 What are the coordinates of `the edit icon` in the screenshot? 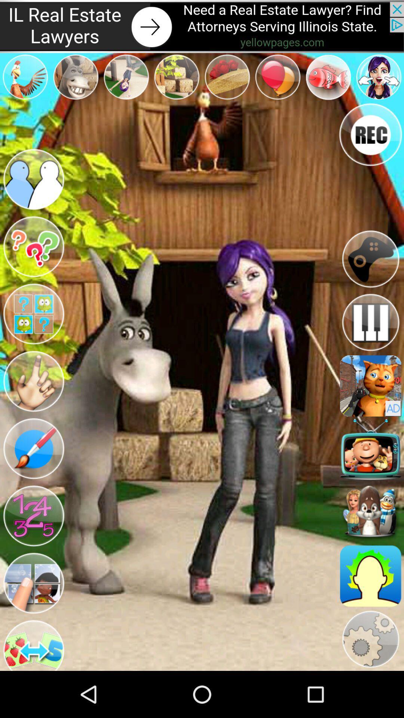 It's located at (33, 480).